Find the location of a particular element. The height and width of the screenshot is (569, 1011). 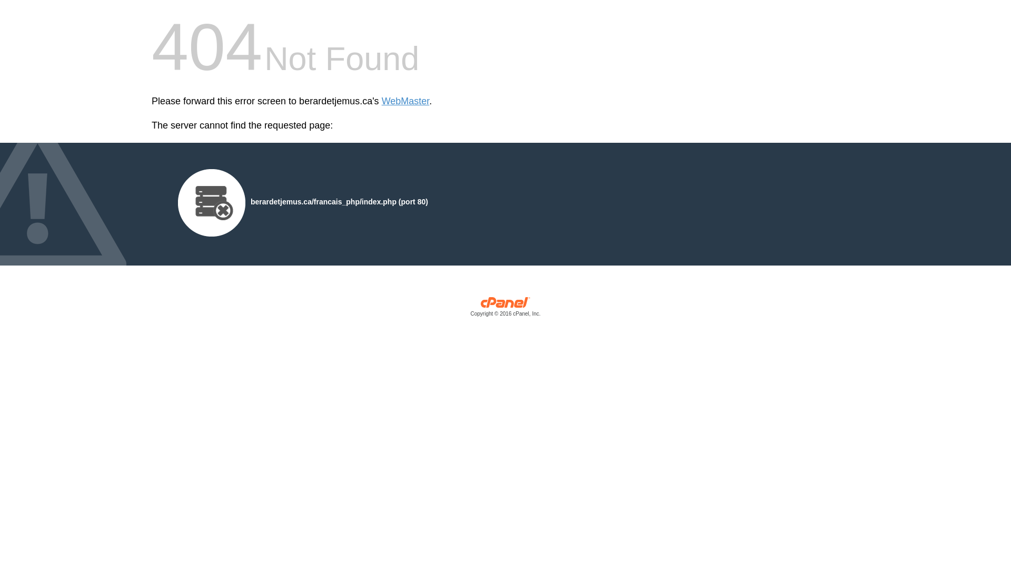

'WebMaster' is located at coordinates (405, 101).